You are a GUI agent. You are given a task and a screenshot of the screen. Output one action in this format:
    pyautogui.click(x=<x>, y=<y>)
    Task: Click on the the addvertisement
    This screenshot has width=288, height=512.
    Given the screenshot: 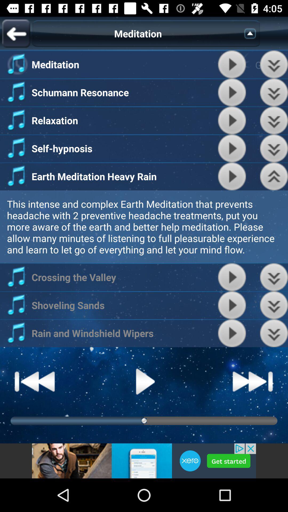 What is the action you would take?
    pyautogui.click(x=144, y=461)
    